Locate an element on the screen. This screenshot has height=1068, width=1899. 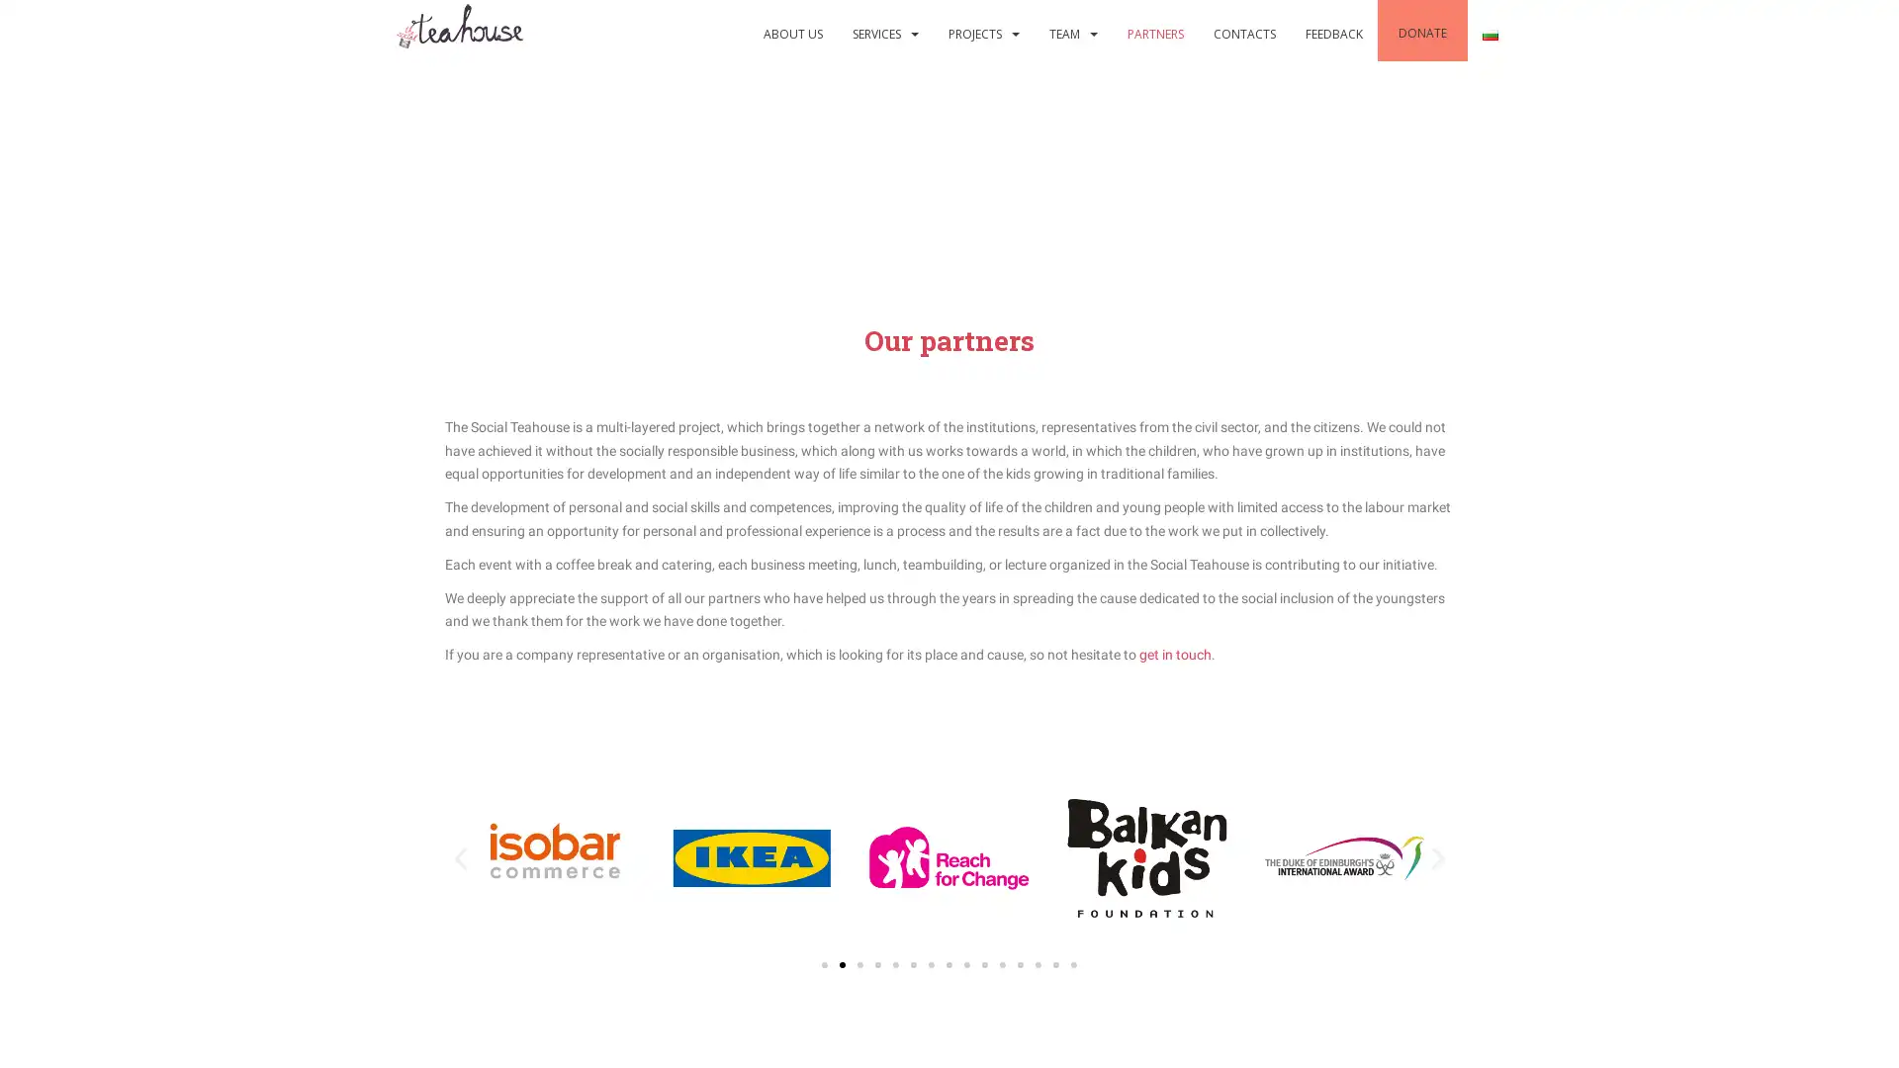
Go to slide 4 is located at coordinates (877, 963).